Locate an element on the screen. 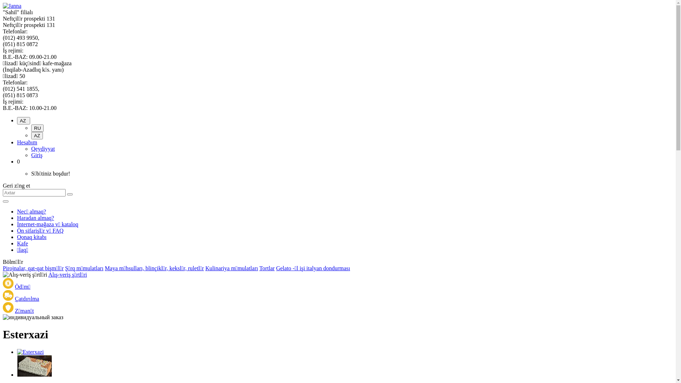 This screenshot has height=383, width=681. 'RU' is located at coordinates (37, 128).